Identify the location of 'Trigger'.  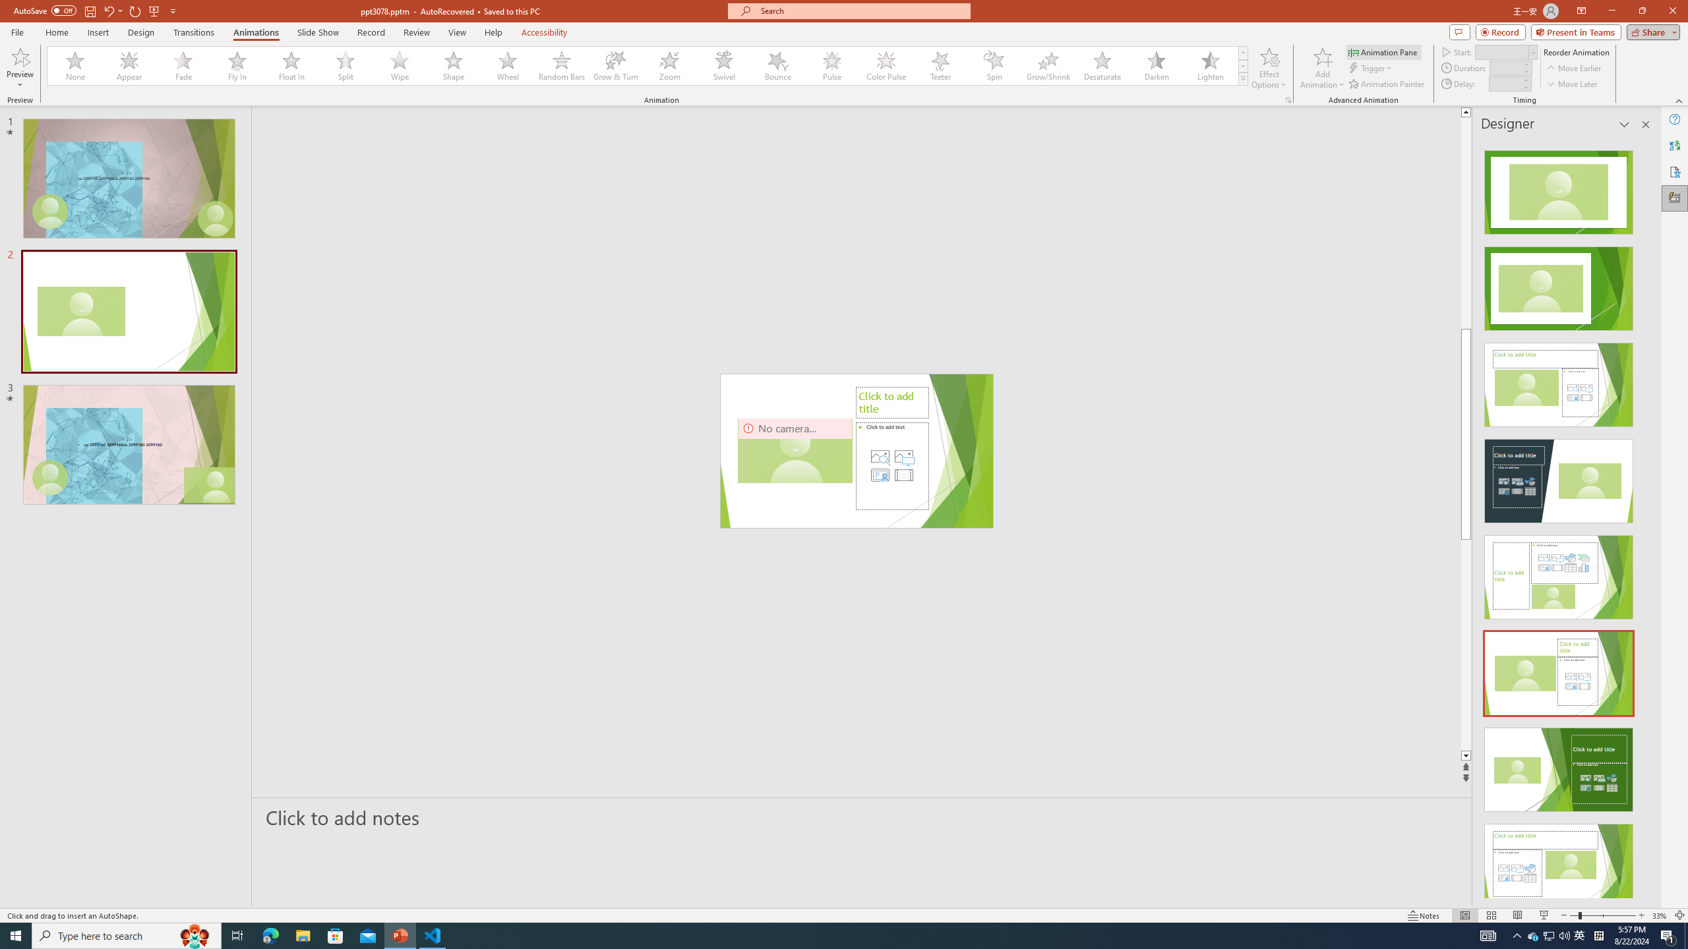
(1371, 68).